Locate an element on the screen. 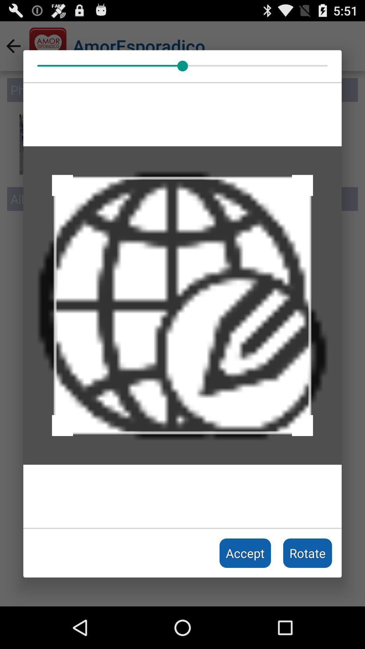  the rotate item is located at coordinates (308, 553).